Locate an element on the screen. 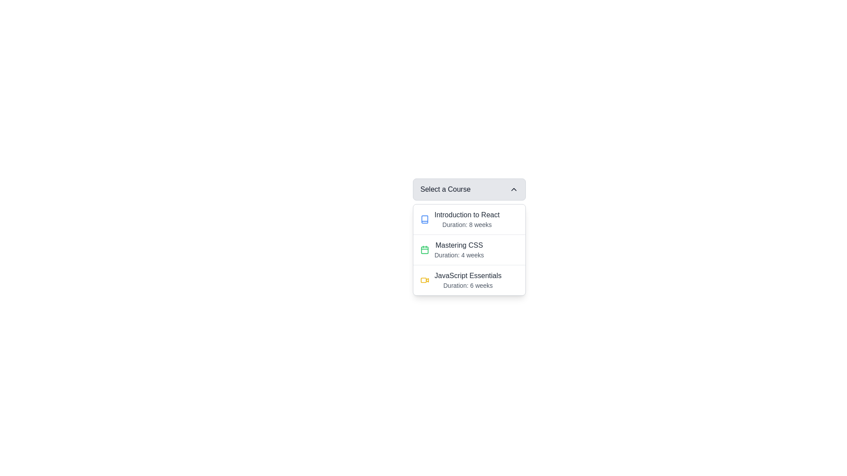  the list item labeled 'JavaScript Essentials' is located at coordinates (469, 280).